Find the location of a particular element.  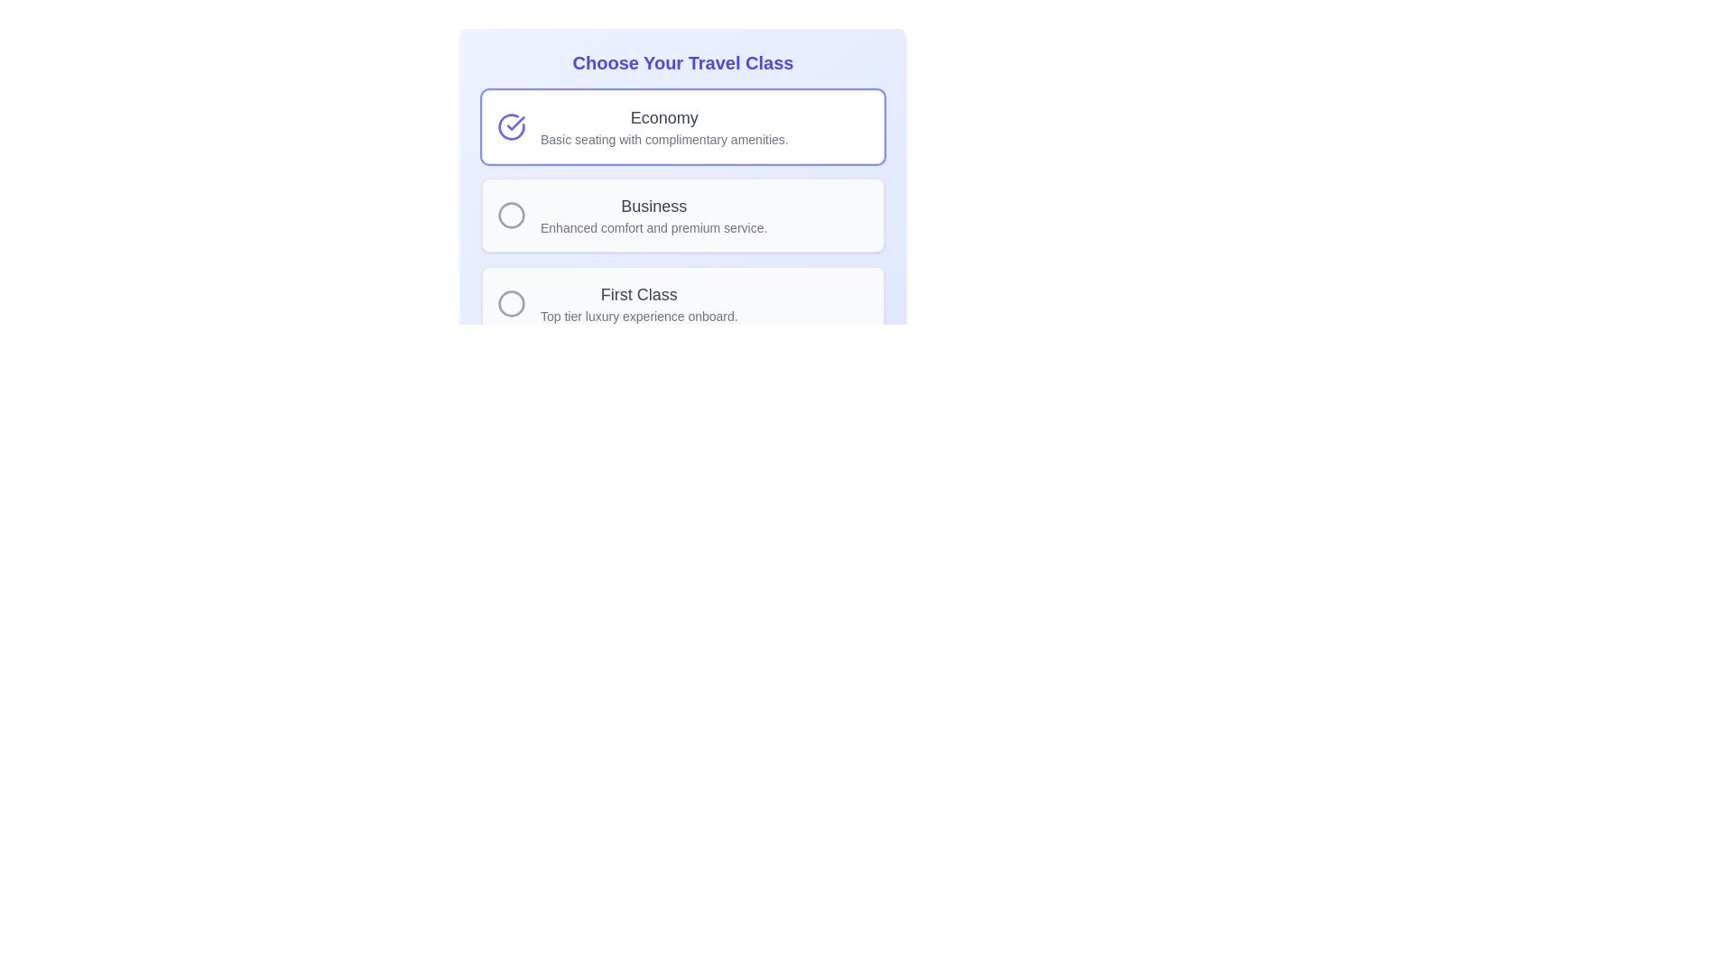

the 'Business' travel class option indicator, which is the second option in the vertical list of travel class options, located below 'Economy' and above 'First Class' is located at coordinates (510, 215).